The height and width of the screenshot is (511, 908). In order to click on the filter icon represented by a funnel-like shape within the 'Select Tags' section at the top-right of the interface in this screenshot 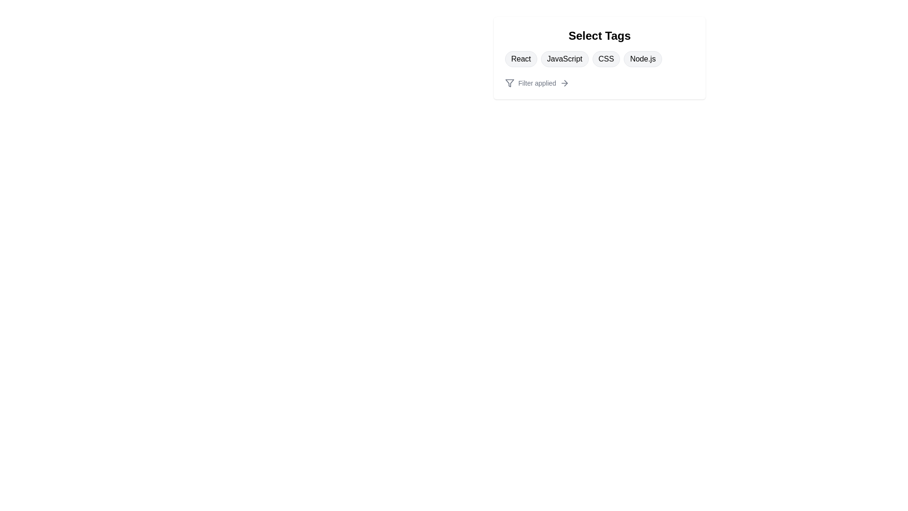, I will do `click(509, 83)`.